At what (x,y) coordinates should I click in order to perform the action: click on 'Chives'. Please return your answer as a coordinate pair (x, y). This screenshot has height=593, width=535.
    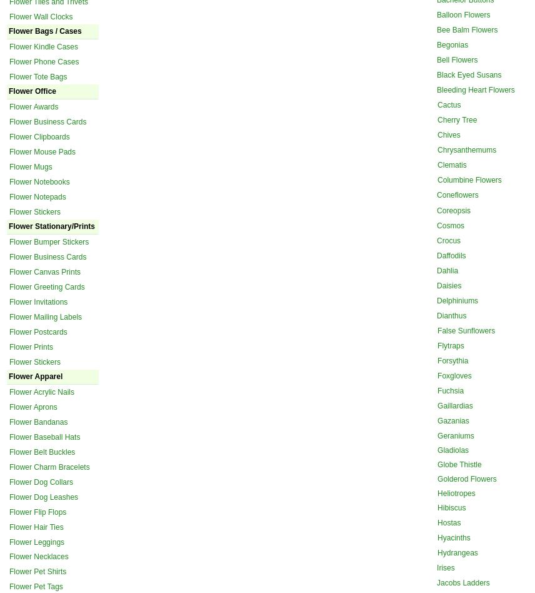
    Looking at the image, I should click on (449, 134).